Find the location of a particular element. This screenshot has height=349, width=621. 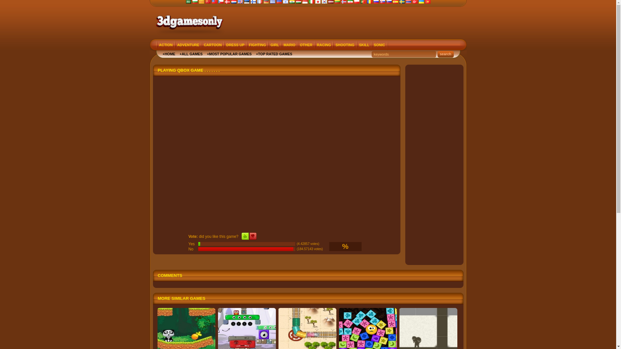

'+MOST POPULAR GAMES' is located at coordinates (229, 53).